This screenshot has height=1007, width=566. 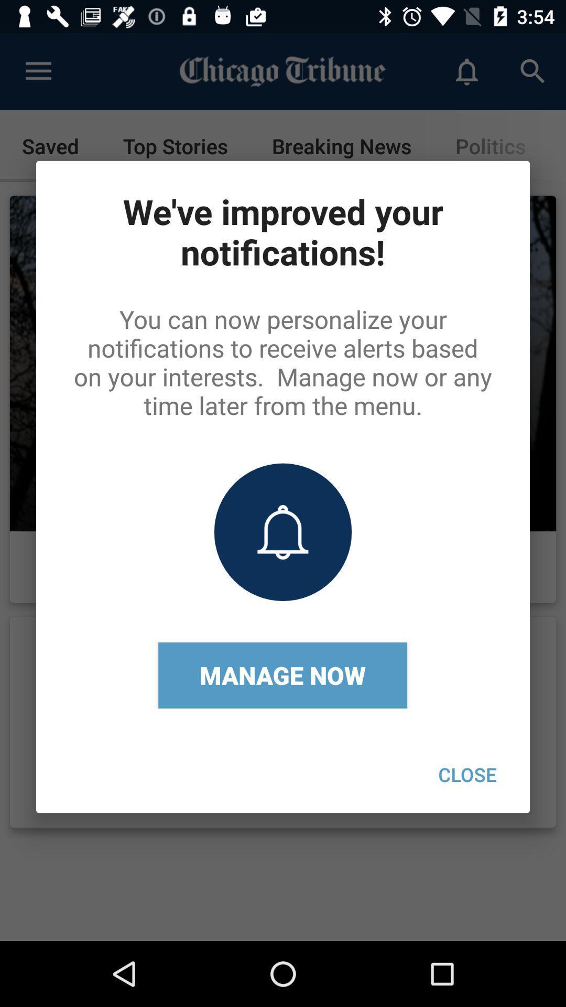 I want to click on the close, so click(x=467, y=774).